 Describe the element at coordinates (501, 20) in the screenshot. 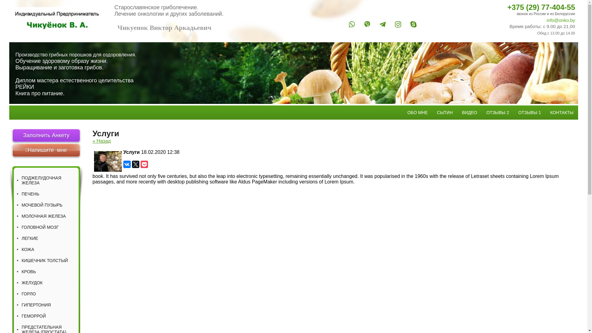

I see `'info@onko.by'` at that location.